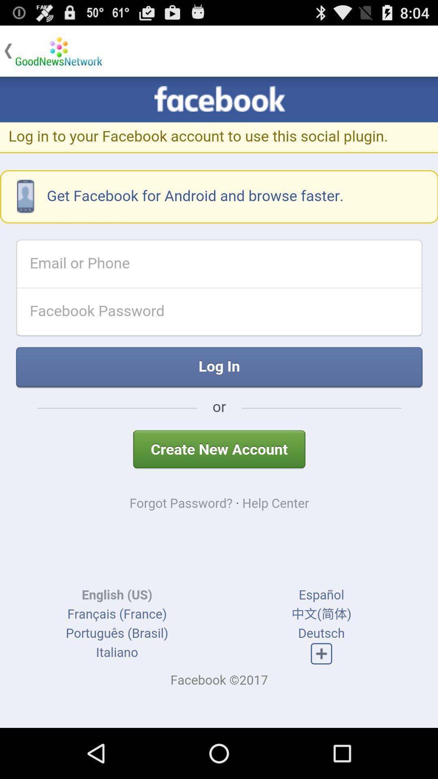 The height and width of the screenshot is (779, 438). Describe the element at coordinates (219, 402) in the screenshot. I see `facebook home screen` at that location.